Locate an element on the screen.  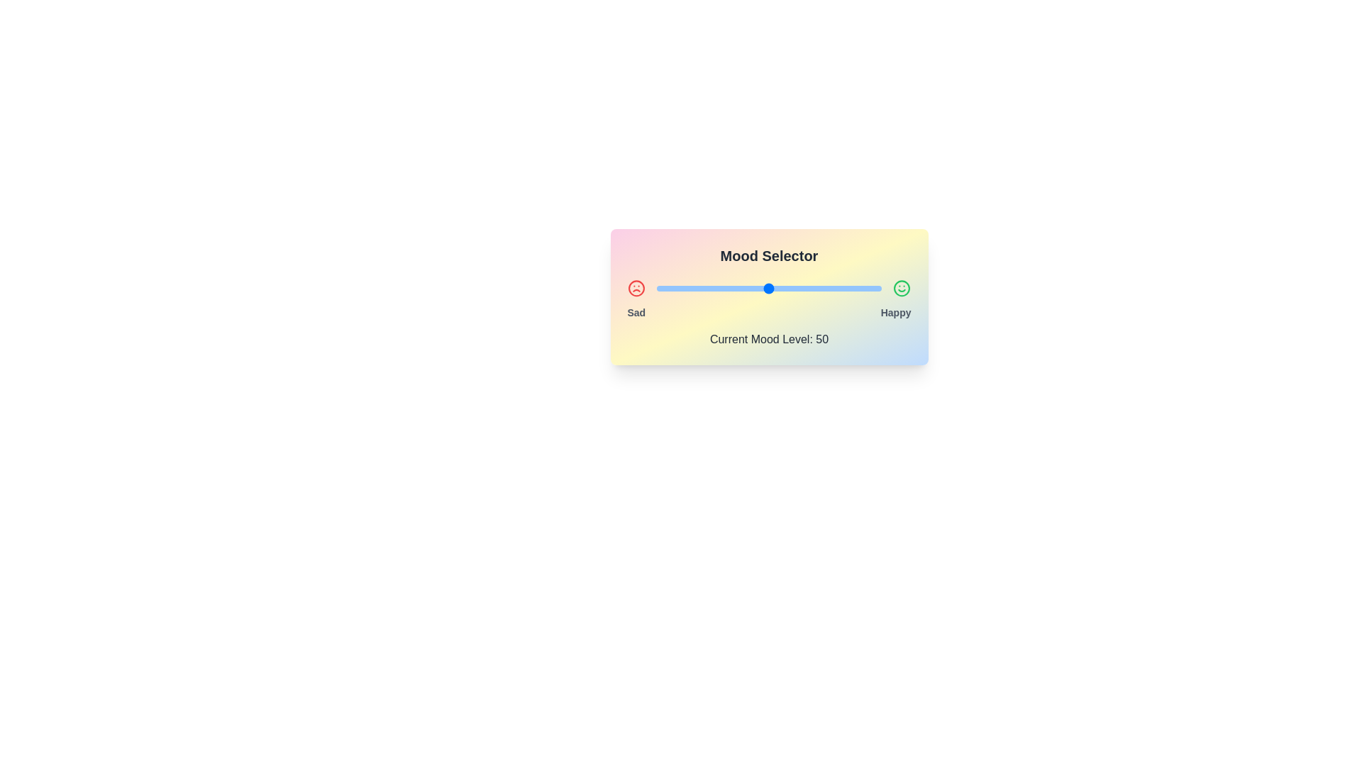
the 'Happy' icon to indicate a positive mood is located at coordinates (901, 288).